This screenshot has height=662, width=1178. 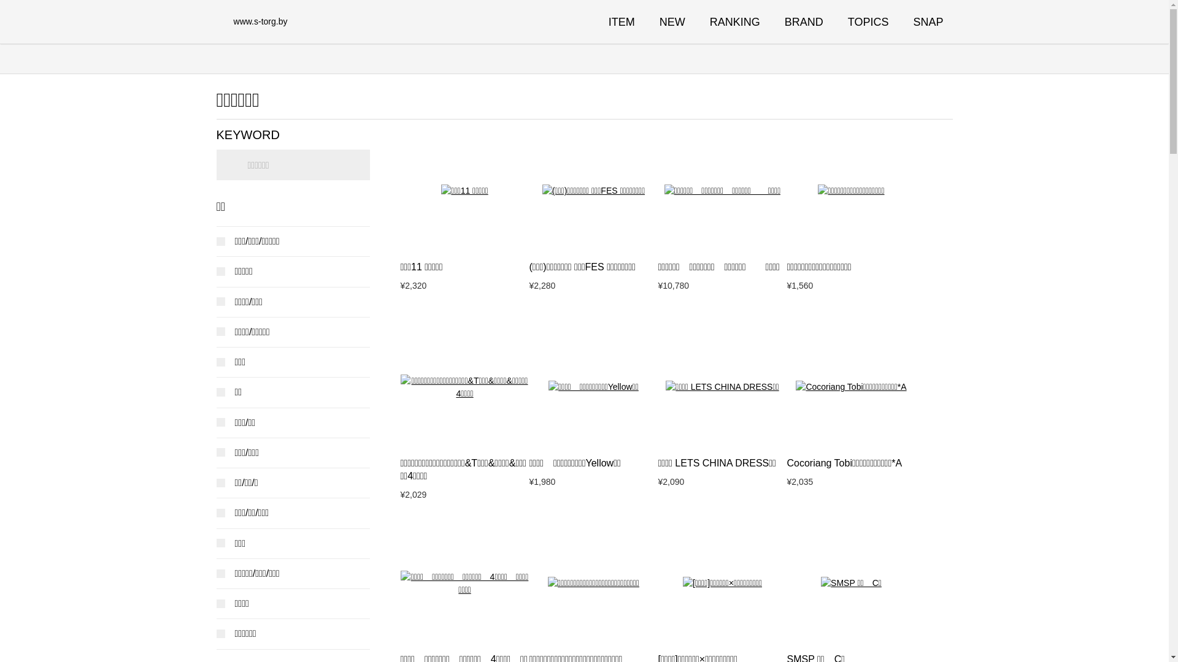 What do you see at coordinates (671, 21) in the screenshot?
I see `'NEW'` at bounding box center [671, 21].